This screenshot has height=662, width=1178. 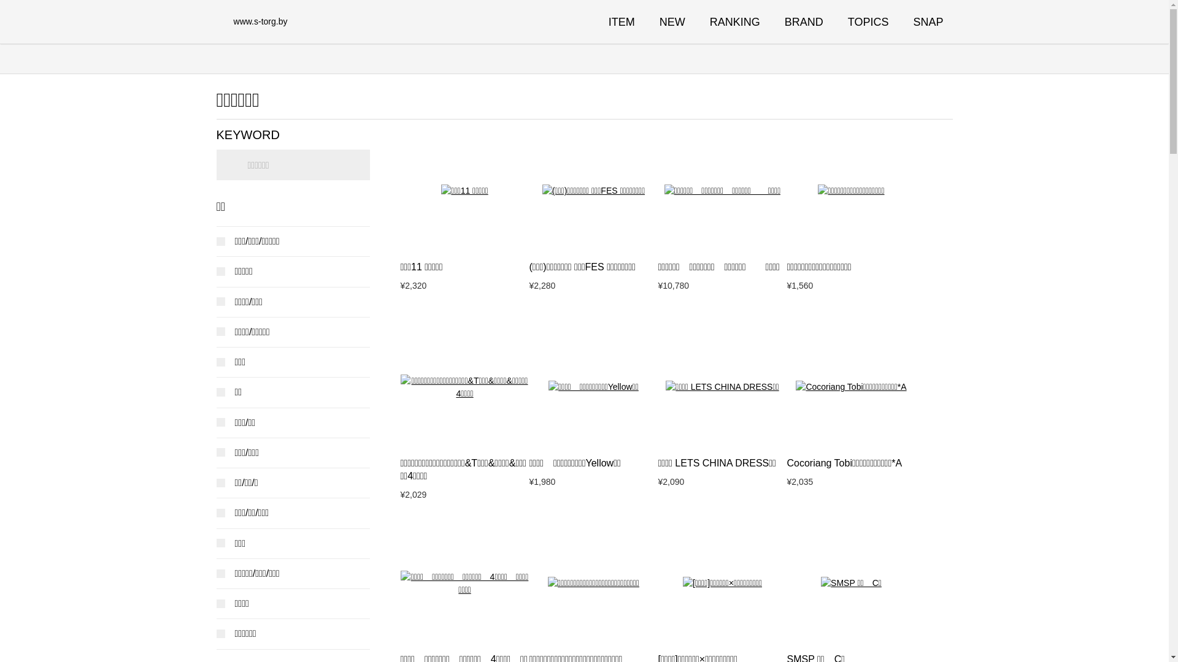 What do you see at coordinates (671, 21) in the screenshot?
I see `'NEW'` at bounding box center [671, 21].